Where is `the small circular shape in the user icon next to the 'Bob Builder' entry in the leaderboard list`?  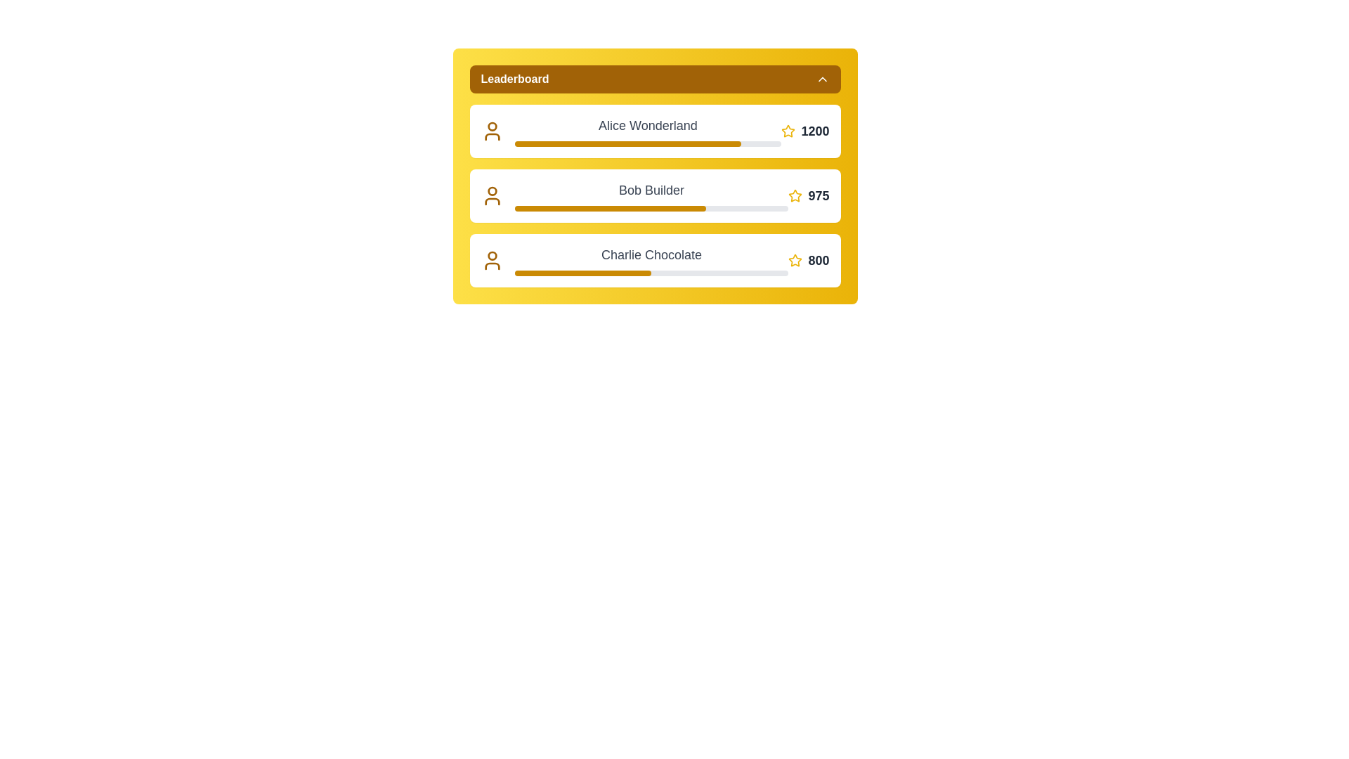 the small circular shape in the user icon next to the 'Bob Builder' entry in the leaderboard list is located at coordinates (492, 191).